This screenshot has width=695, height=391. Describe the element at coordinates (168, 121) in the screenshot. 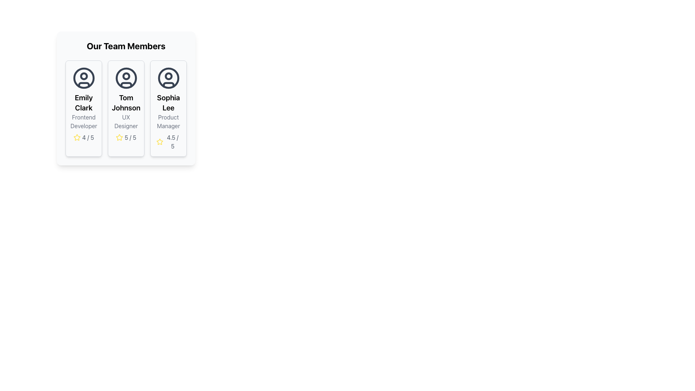

I see `the informational text label indicating the job title 'Product Manager' located in the rightmost employee card below the name 'Sophia Lee' and above the star rating '4.5 / 5.'` at that location.